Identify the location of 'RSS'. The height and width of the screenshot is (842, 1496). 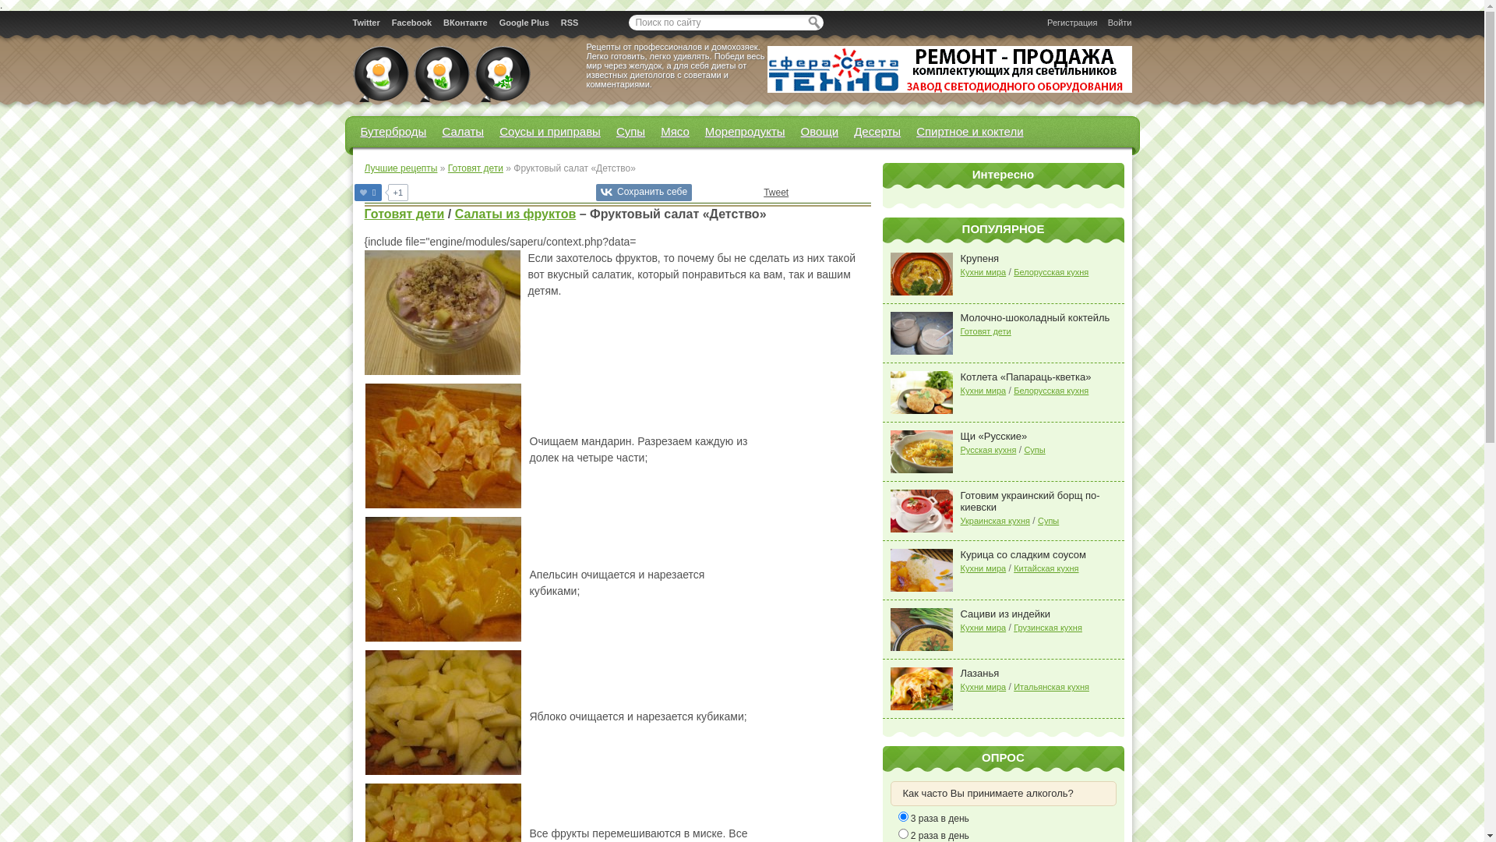
(569, 23).